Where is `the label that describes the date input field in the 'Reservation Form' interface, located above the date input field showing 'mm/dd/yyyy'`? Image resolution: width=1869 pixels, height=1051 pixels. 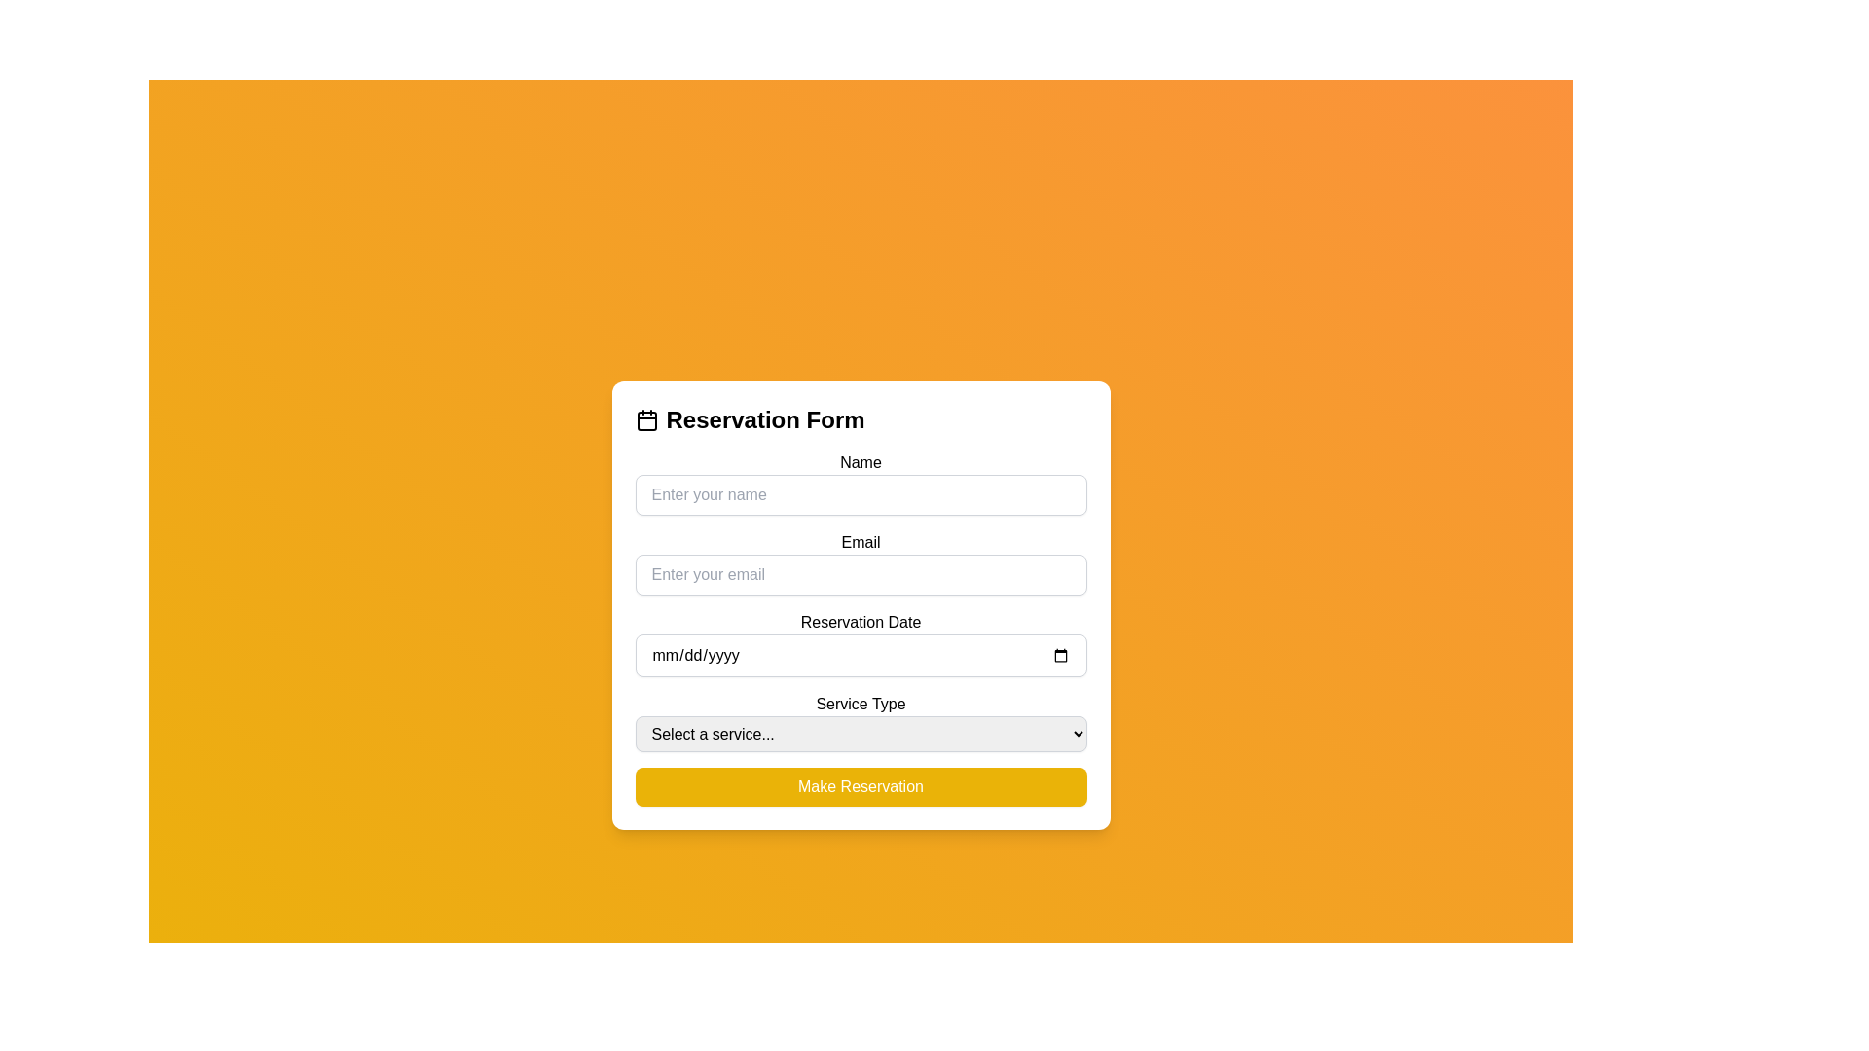
the label that describes the date input field in the 'Reservation Form' interface, located above the date input field showing 'mm/dd/yyyy' is located at coordinates (860, 622).